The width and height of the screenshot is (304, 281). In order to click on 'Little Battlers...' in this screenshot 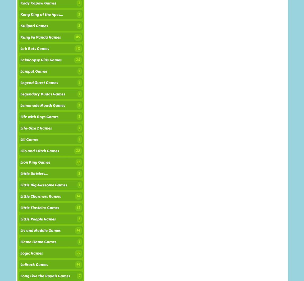, I will do `click(34, 173)`.